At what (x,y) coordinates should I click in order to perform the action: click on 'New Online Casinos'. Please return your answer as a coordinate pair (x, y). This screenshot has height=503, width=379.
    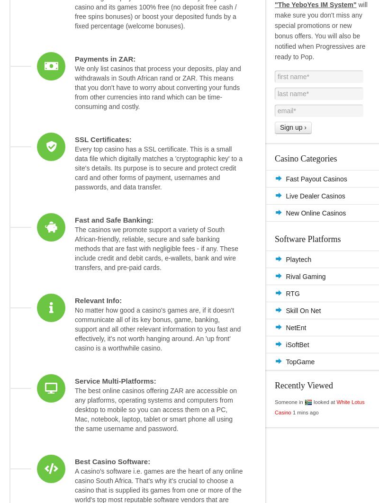
    Looking at the image, I should click on (286, 212).